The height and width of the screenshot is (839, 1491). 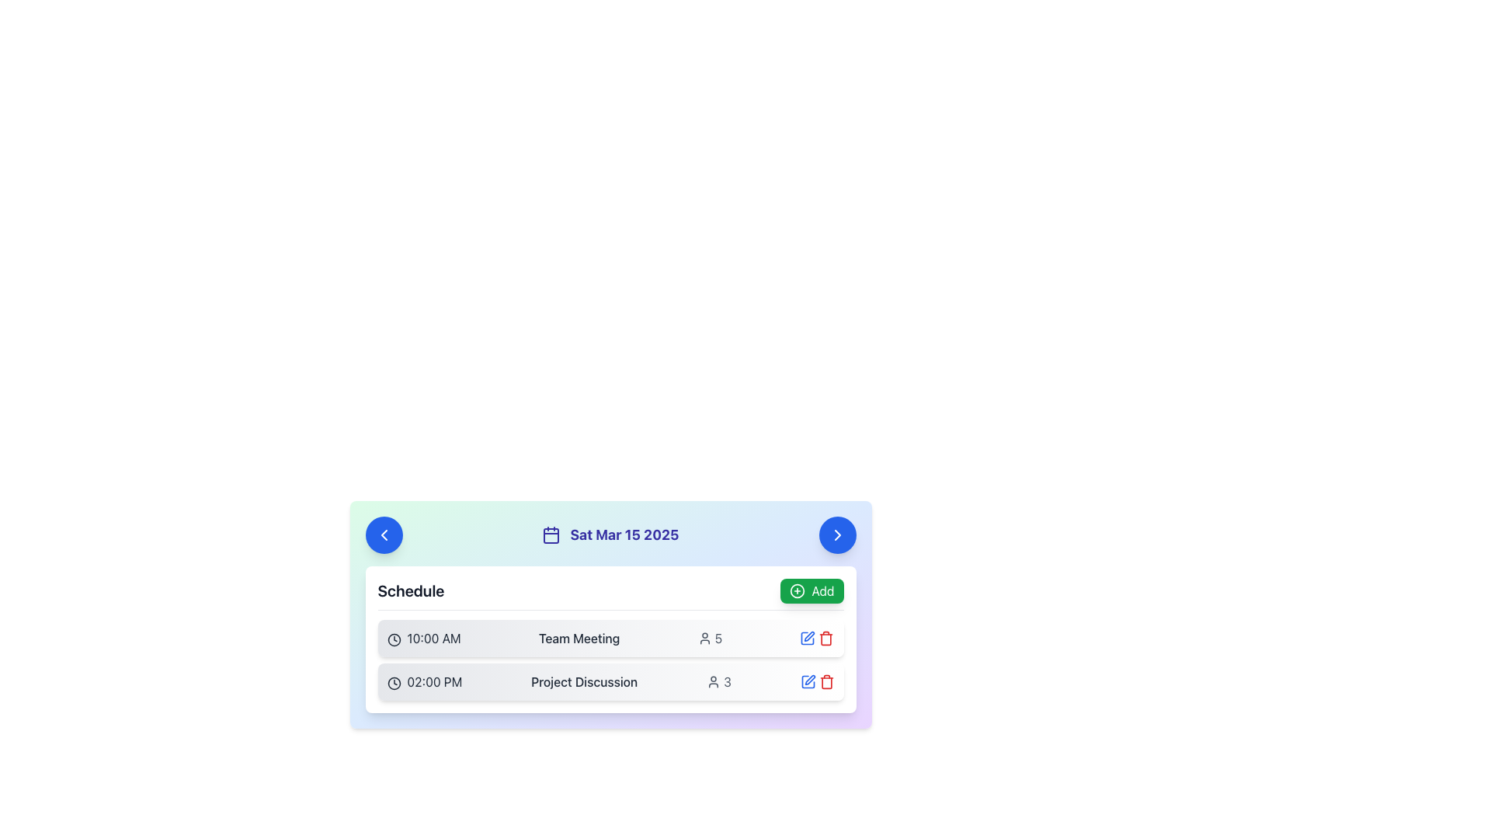 What do you see at coordinates (610, 681) in the screenshot?
I see `the event title 'Project Discussion' in the schedule list` at bounding box center [610, 681].